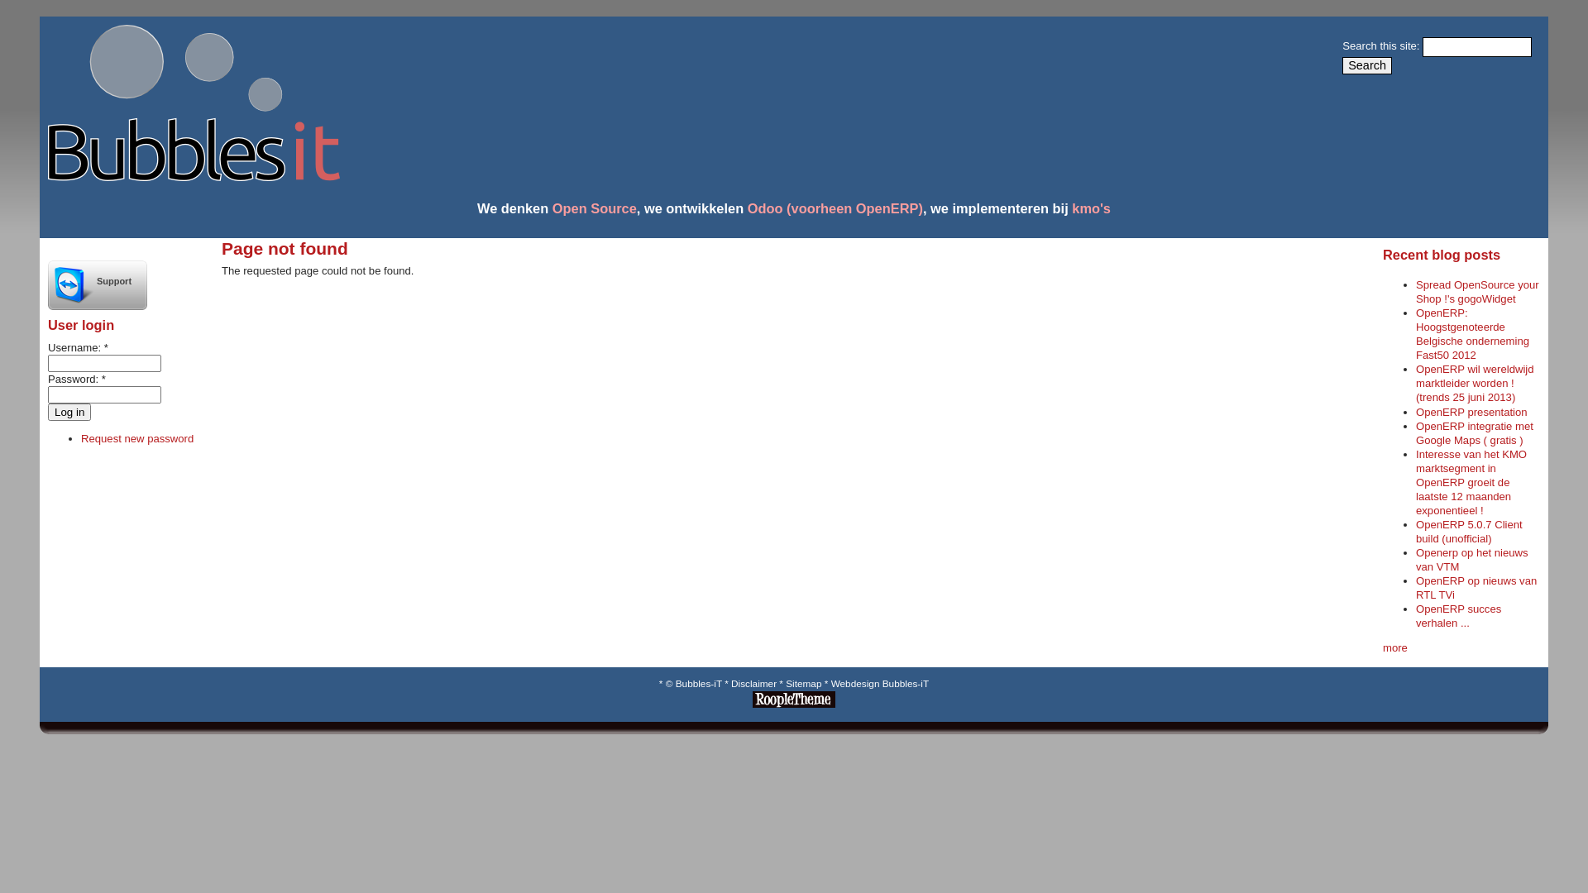 The height and width of the screenshot is (893, 1588). Describe the element at coordinates (1091, 207) in the screenshot. I see `'kmo's'` at that location.